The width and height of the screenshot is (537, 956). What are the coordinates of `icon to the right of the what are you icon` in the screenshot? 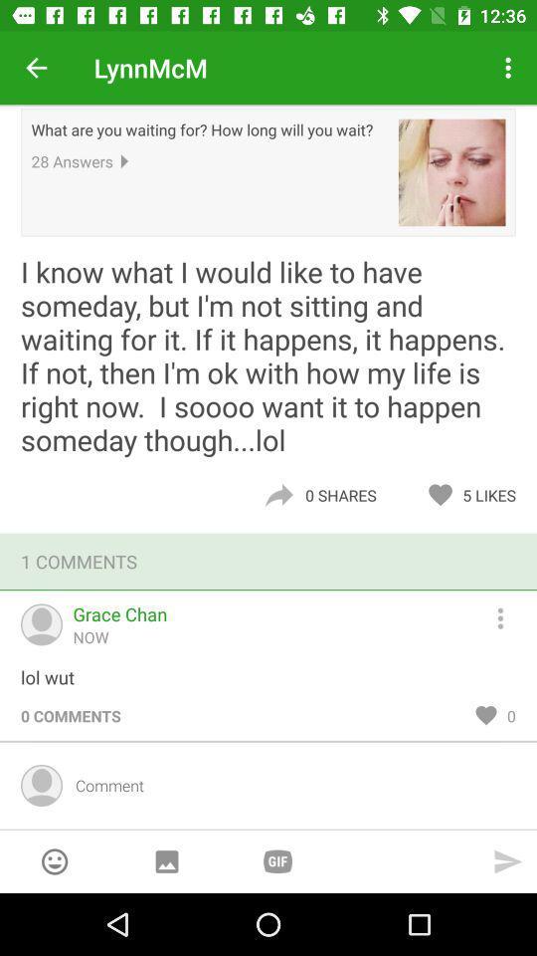 It's located at (451, 171).